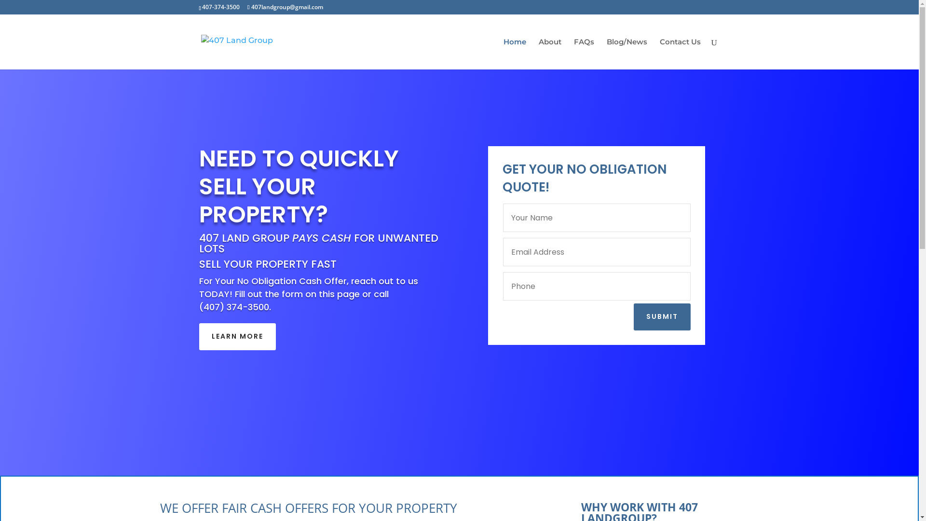 The image size is (926, 521). I want to click on 'Home', so click(503, 54).